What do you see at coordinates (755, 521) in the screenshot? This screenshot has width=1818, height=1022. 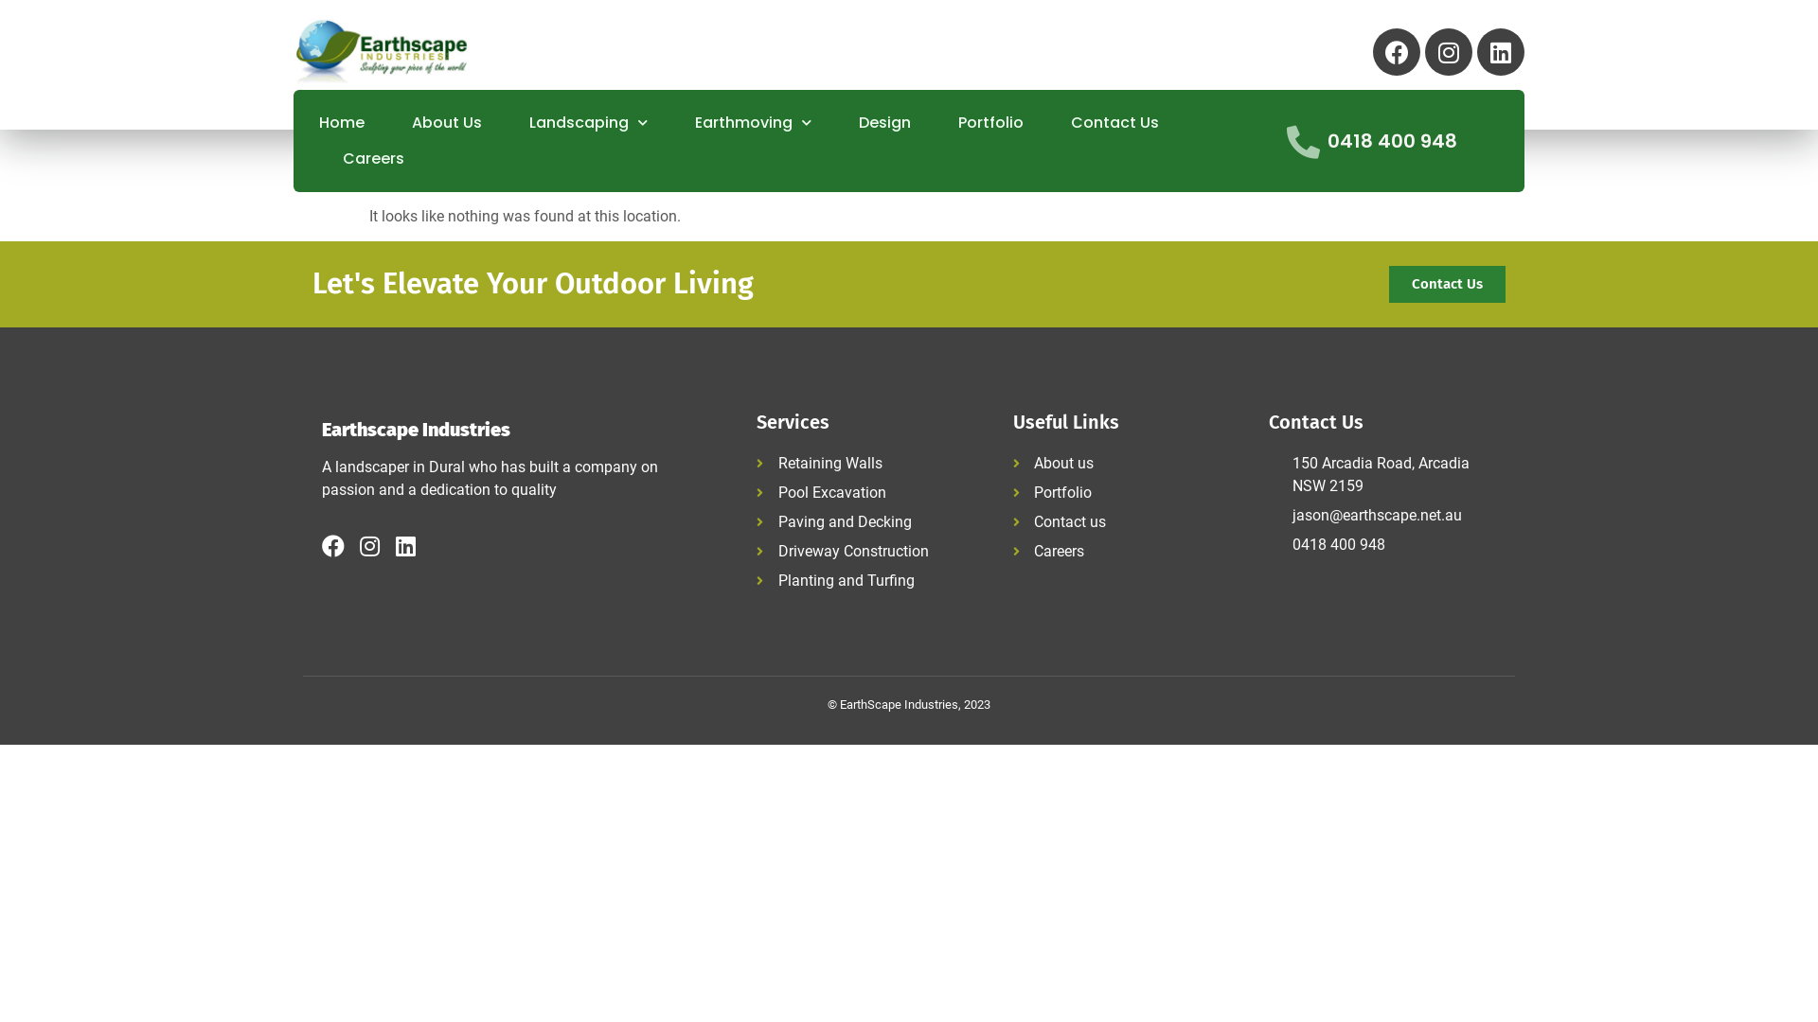 I see `'Paving and Decking'` at bounding box center [755, 521].